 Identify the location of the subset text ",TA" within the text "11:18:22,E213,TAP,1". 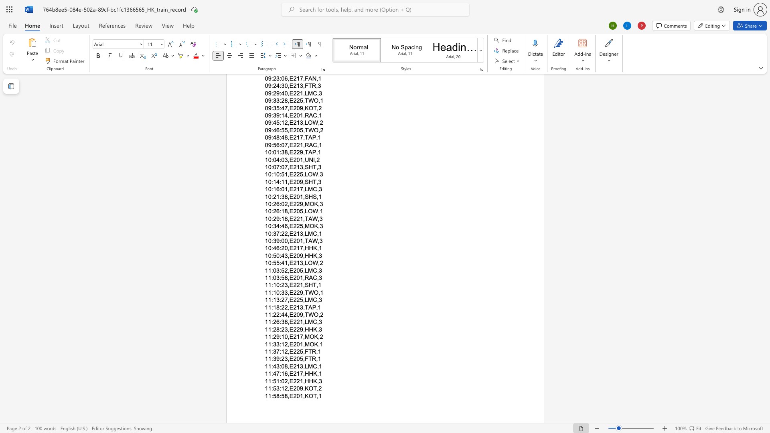
(302, 307).